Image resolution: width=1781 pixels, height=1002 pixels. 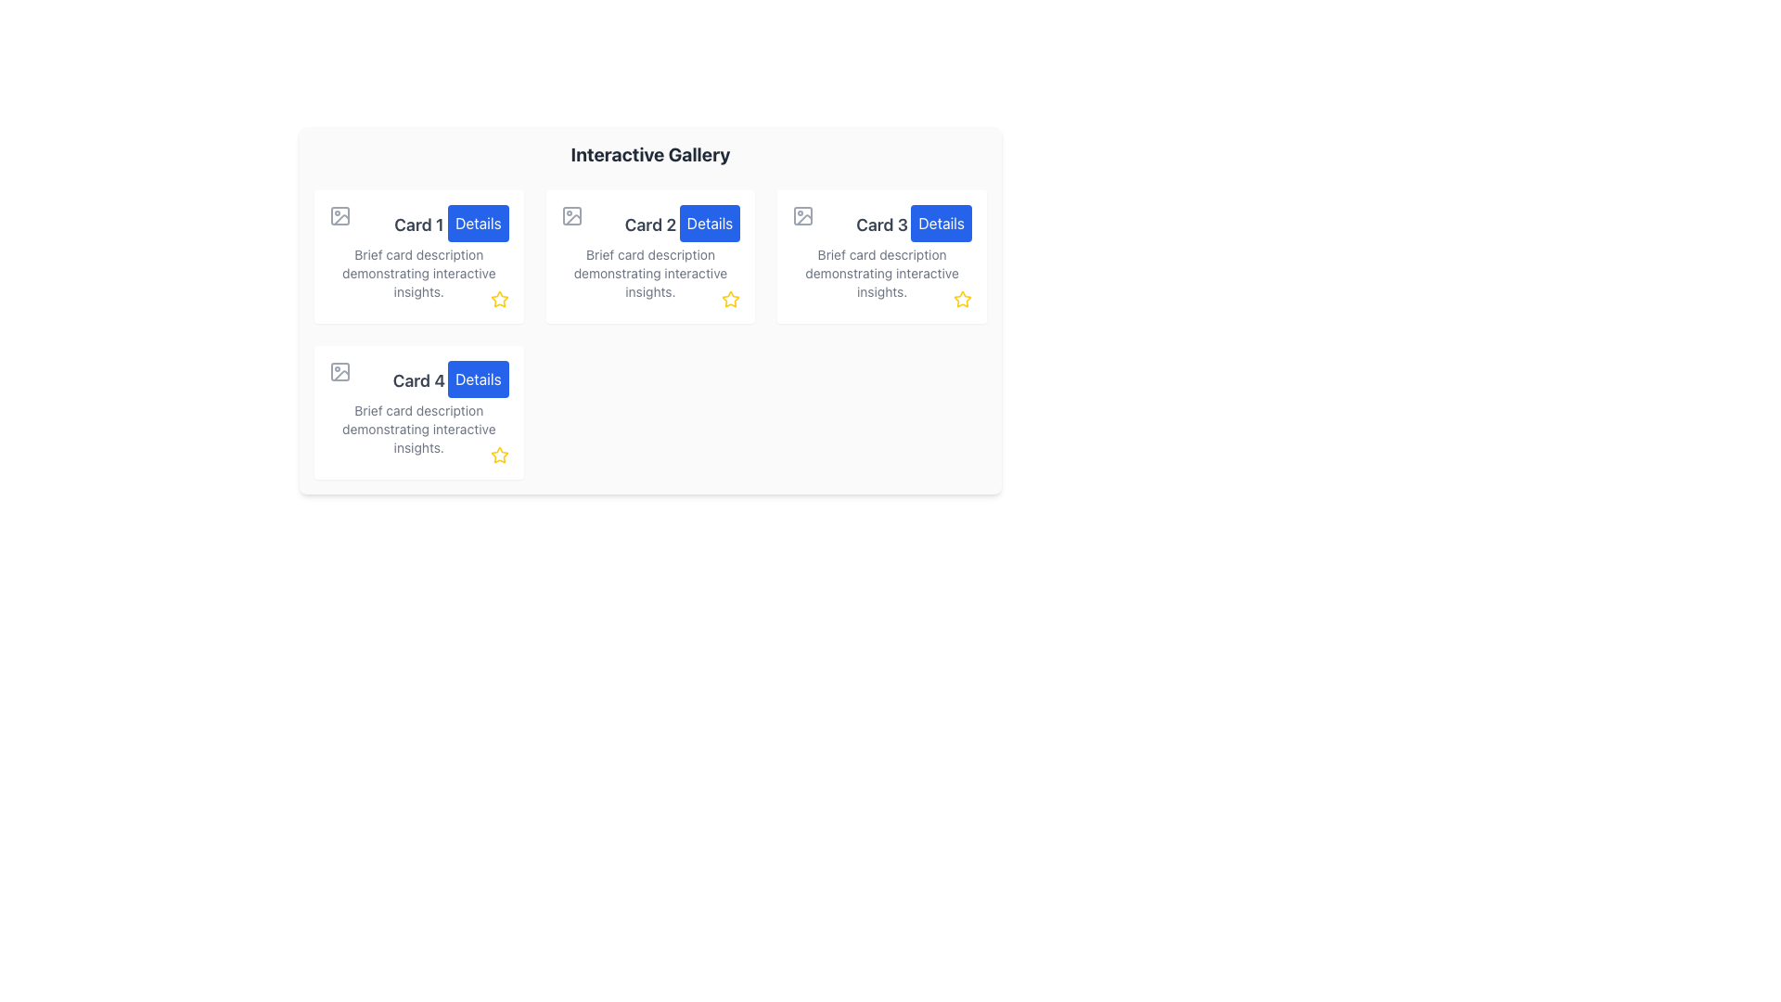 I want to click on the static text label 'Card 3' which is displayed in bold gray font at the top-center of the third card in the card group, so click(x=881, y=225).